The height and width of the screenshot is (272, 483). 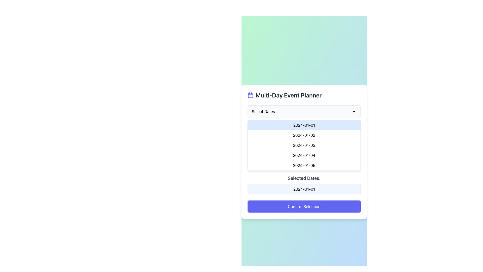 I want to click on the Chevron icon located to the right of the 'Select Dates' input box, so click(x=353, y=111).